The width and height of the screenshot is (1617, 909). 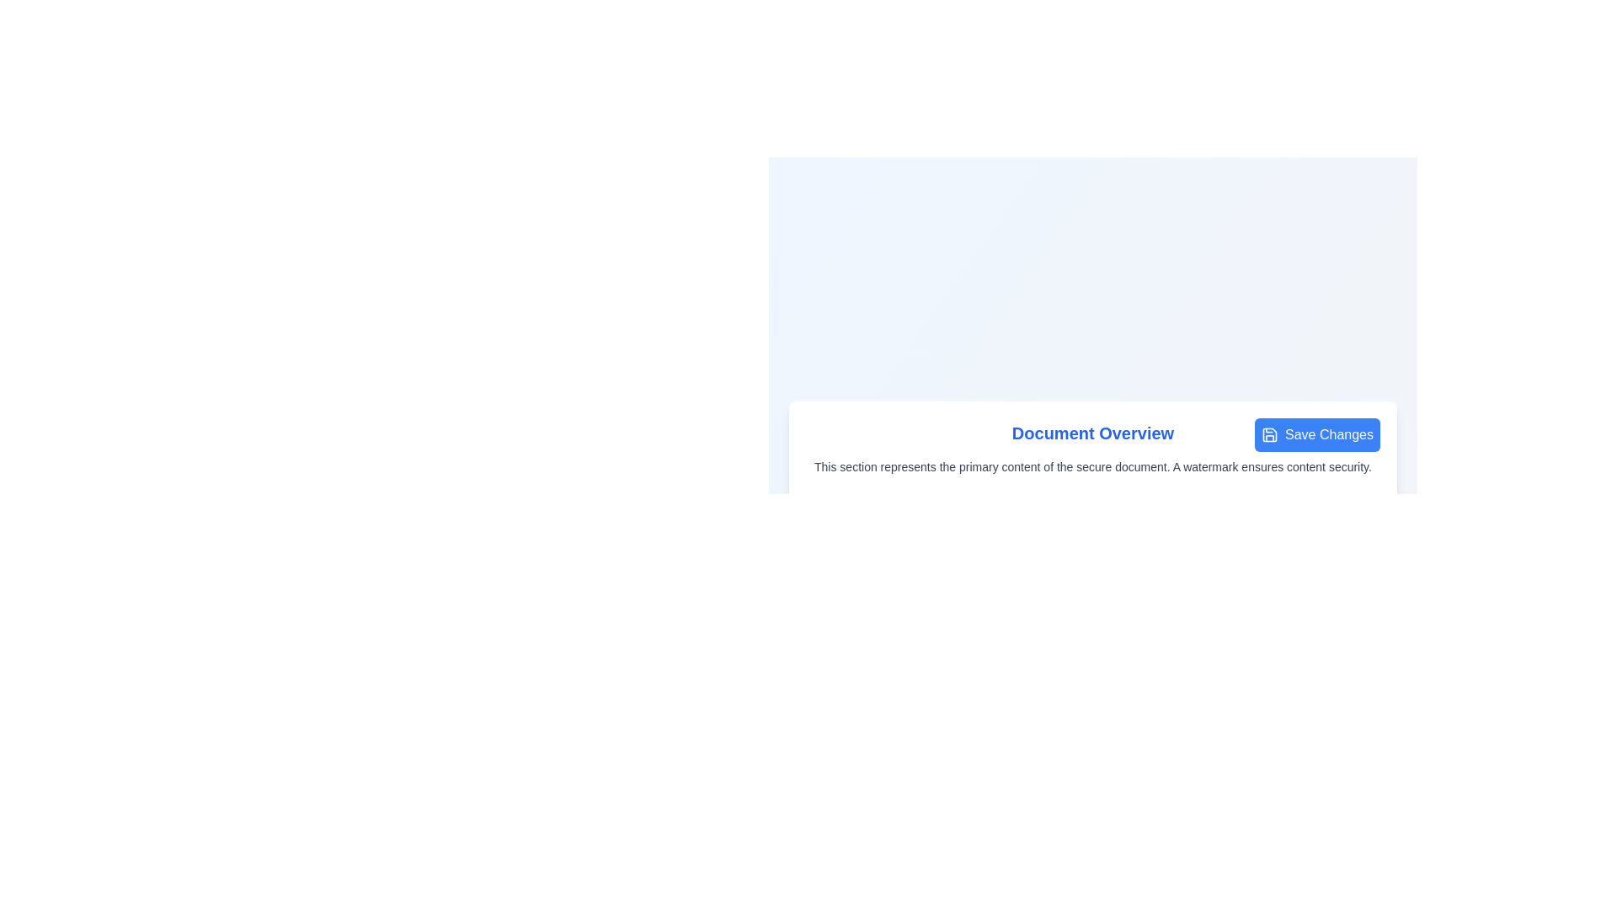 I want to click on header text element that displays 'Document Overview' in a bold and large blue font, positioned above a descriptive paragraph, so click(x=1092, y=433).